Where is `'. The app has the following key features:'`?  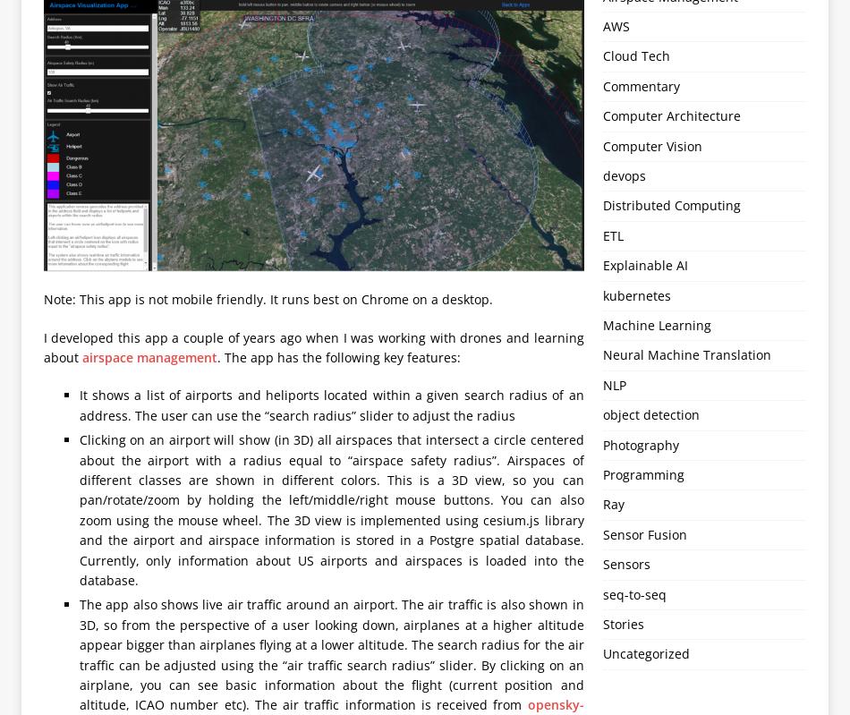
'. The app has the following key features:' is located at coordinates (337, 357).